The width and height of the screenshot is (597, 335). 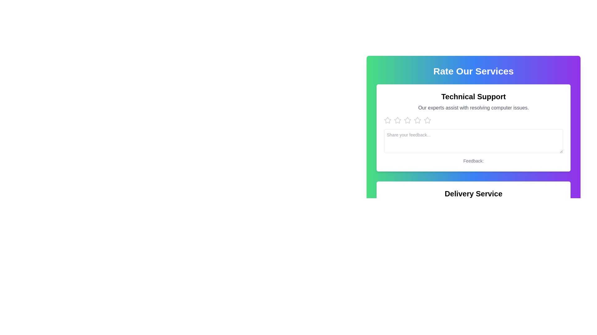 What do you see at coordinates (407, 120) in the screenshot?
I see `the second star icon in the 'Rate Our Services' section` at bounding box center [407, 120].